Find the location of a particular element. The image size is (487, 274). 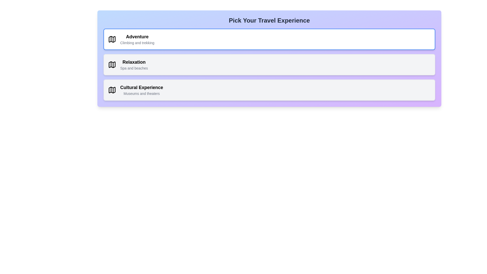

the descriptive text label below the 'Adventure' header is located at coordinates (137, 43).